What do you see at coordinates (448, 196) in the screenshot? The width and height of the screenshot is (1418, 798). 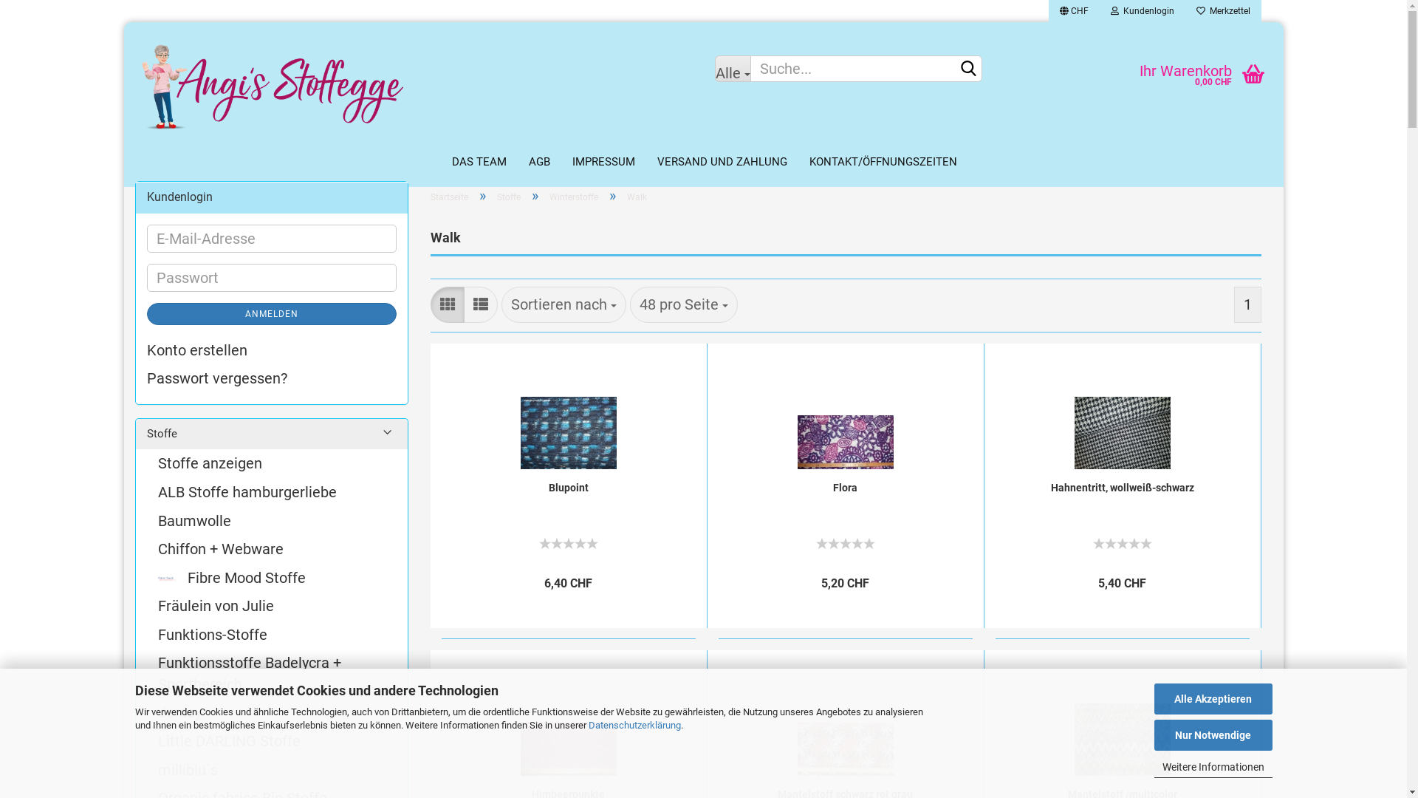 I see `'Startseite'` at bounding box center [448, 196].